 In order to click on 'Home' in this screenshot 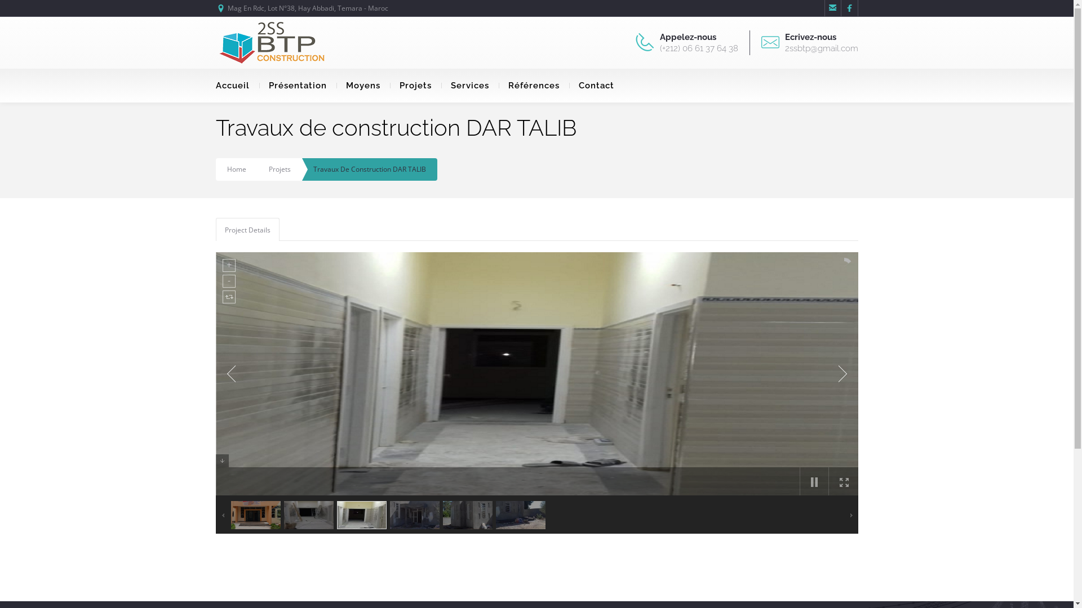, I will do `click(235, 169)`.